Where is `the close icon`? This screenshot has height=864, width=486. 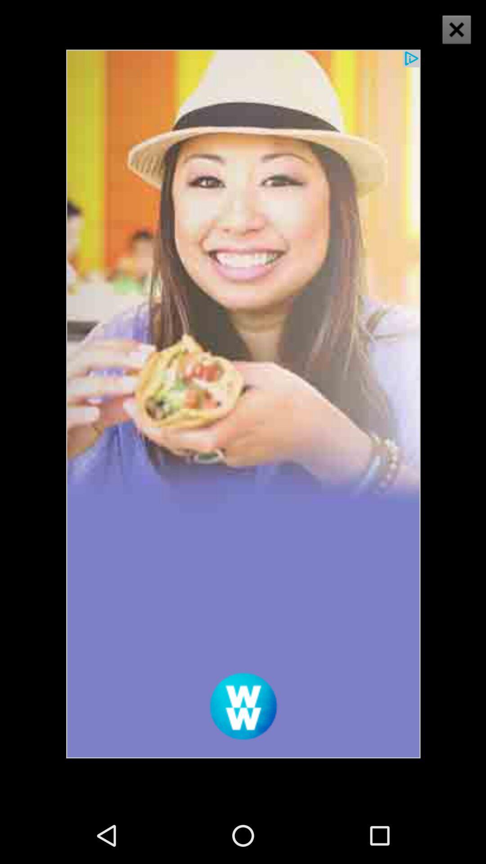 the close icon is located at coordinates (456, 31).